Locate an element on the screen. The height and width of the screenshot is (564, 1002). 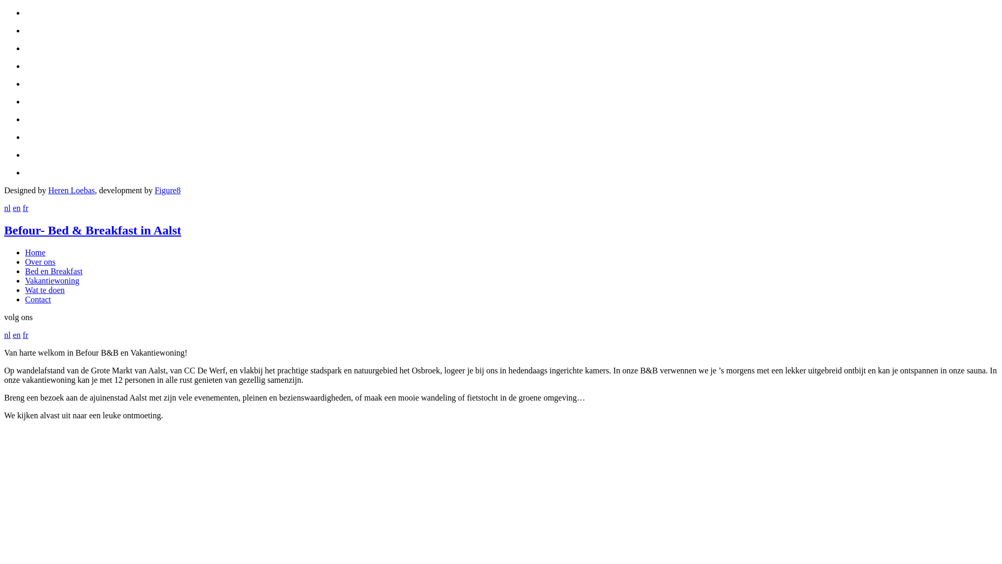
'Over ons' is located at coordinates (40, 261).